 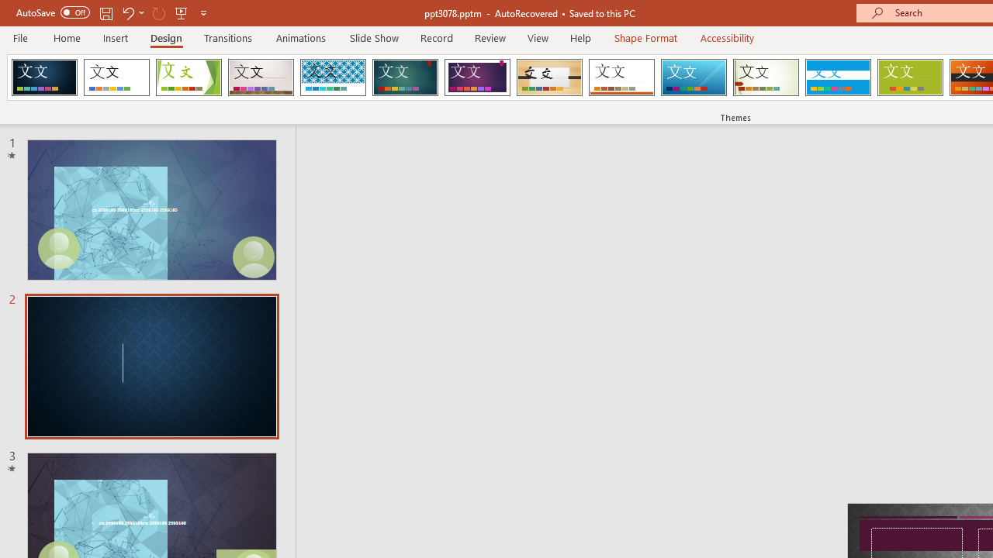 What do you see at coordinates (228, 37) in the screenshot?
I see `'Transitions'` at bounding box center [228, 37].